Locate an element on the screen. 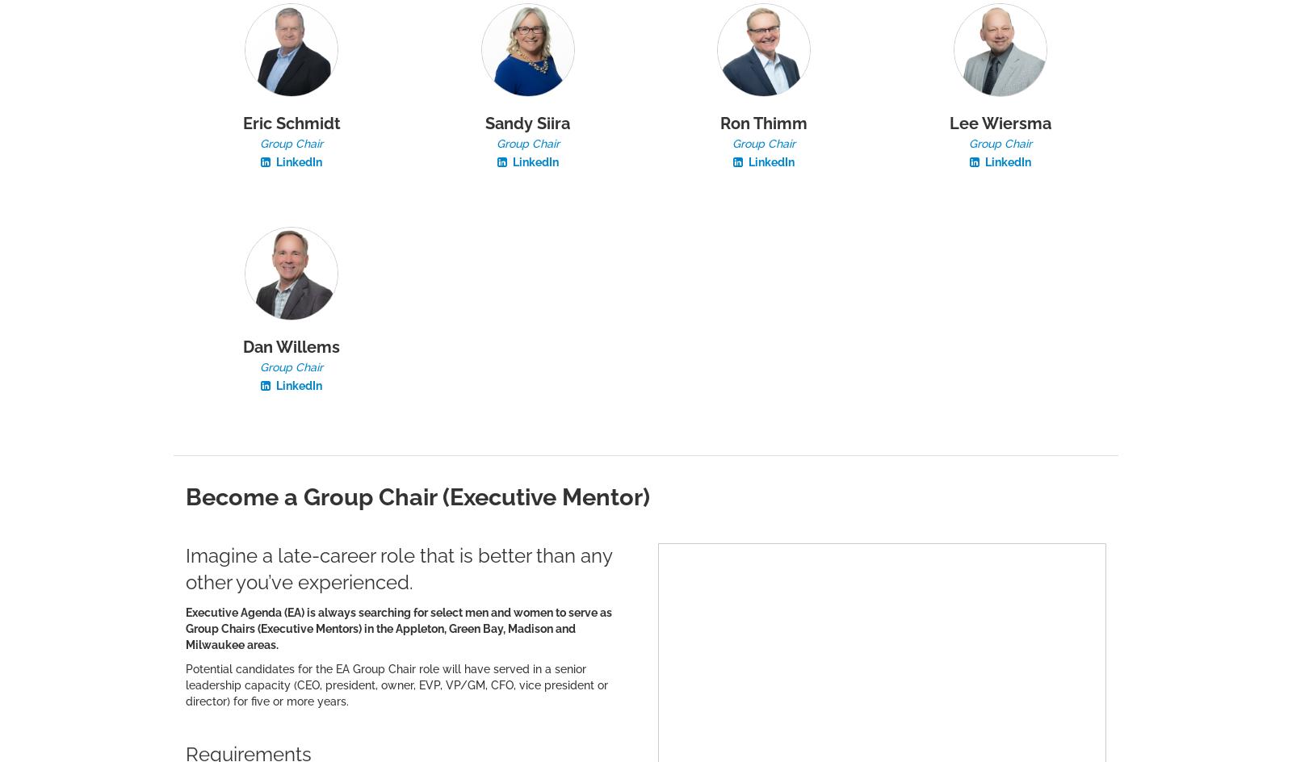 Image resolution: width=1292 pixels, height=762 pixels. 'Executive Agenda (EA) is always searching for select men and women to serve as Group Chairs (Executive Mentors) in the Appleton, Green Bay, Madison and Milwaukee areas.' is located at coordinates (397, 627).